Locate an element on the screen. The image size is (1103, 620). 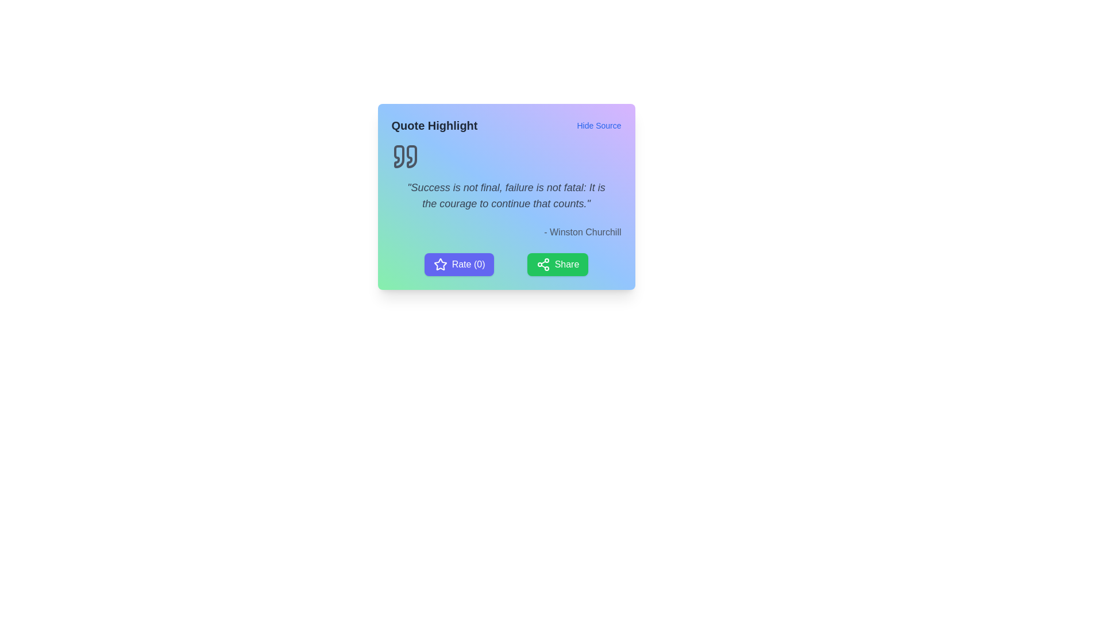
the rating button located on the left side of the interface's bottom section is located at coordinates (458, 265).